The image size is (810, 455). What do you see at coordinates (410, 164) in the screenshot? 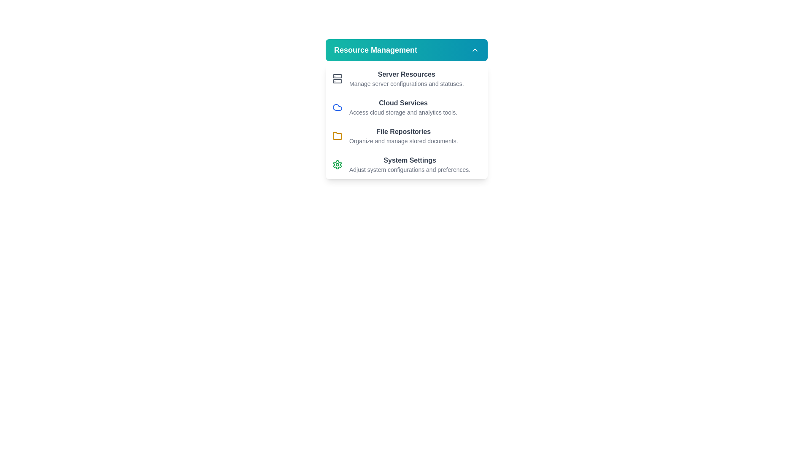
I see `the 'System Settings' text-based menu item in the 'Resource Management' section, which includes a bold title and a light gray subtitle, located below 'File Repositories'` at bounding box center [410, 164].